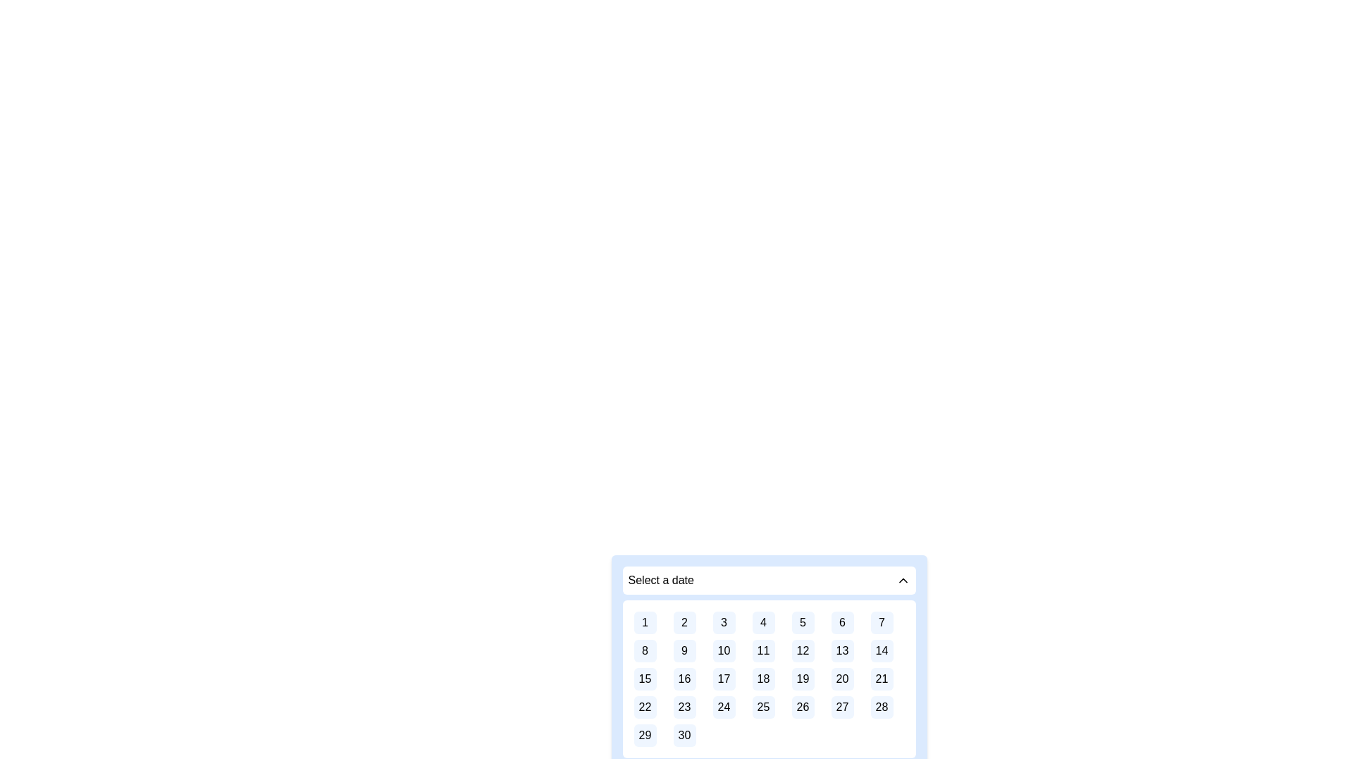 This screenshot has height=761, width=1353. What do you see at coordinates (724, 621) in the screenshot?
I see `the small, square button with rounded corners that displays the number '3' in bold, black font` at bounding box center [724, 621].